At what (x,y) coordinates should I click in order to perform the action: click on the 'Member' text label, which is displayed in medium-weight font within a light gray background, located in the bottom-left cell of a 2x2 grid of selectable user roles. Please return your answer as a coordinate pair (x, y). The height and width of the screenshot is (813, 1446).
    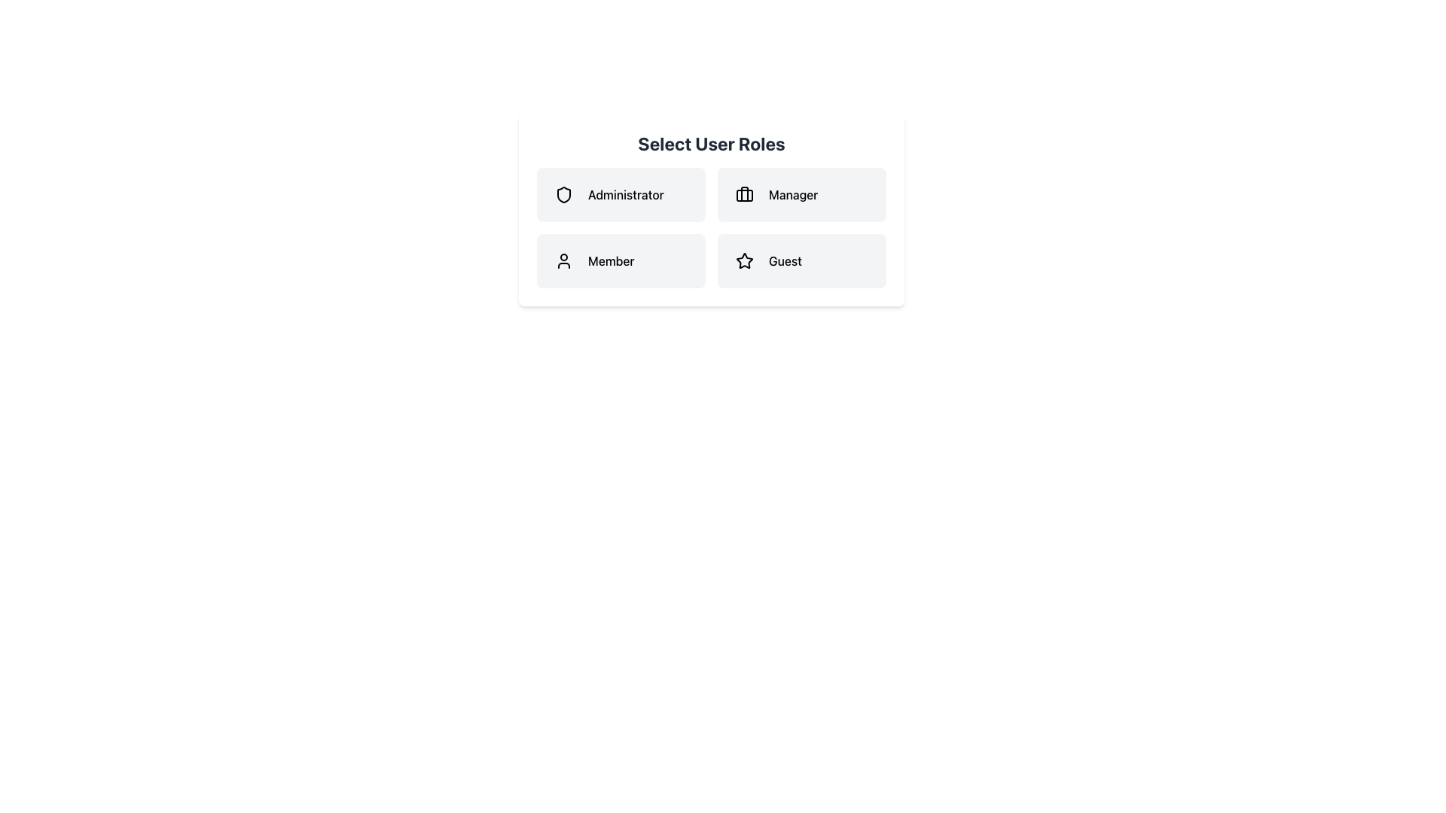
    Looking at the image, I should click on (611, 260).